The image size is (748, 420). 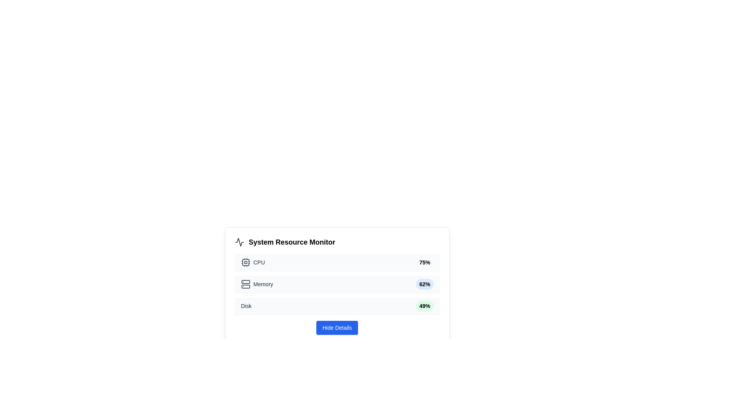 What do you see at coordinates (259, 262) in the screenshot?
I see `the text label that describes the CPU resource section in the 'System Resource Monitor', located next to the CPU icon and above the percentage indicator (75%)` at bounding box center [259, 262].